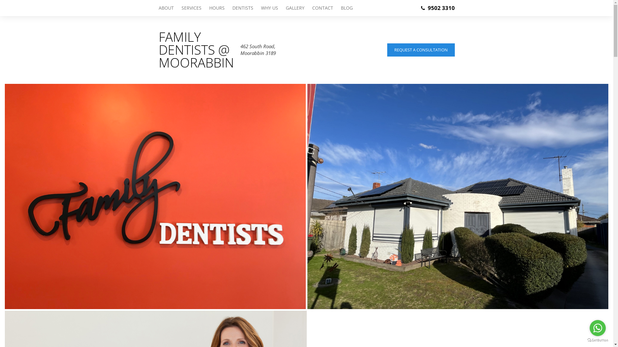  I want to click on 'ABOUT', so click(158, 8).